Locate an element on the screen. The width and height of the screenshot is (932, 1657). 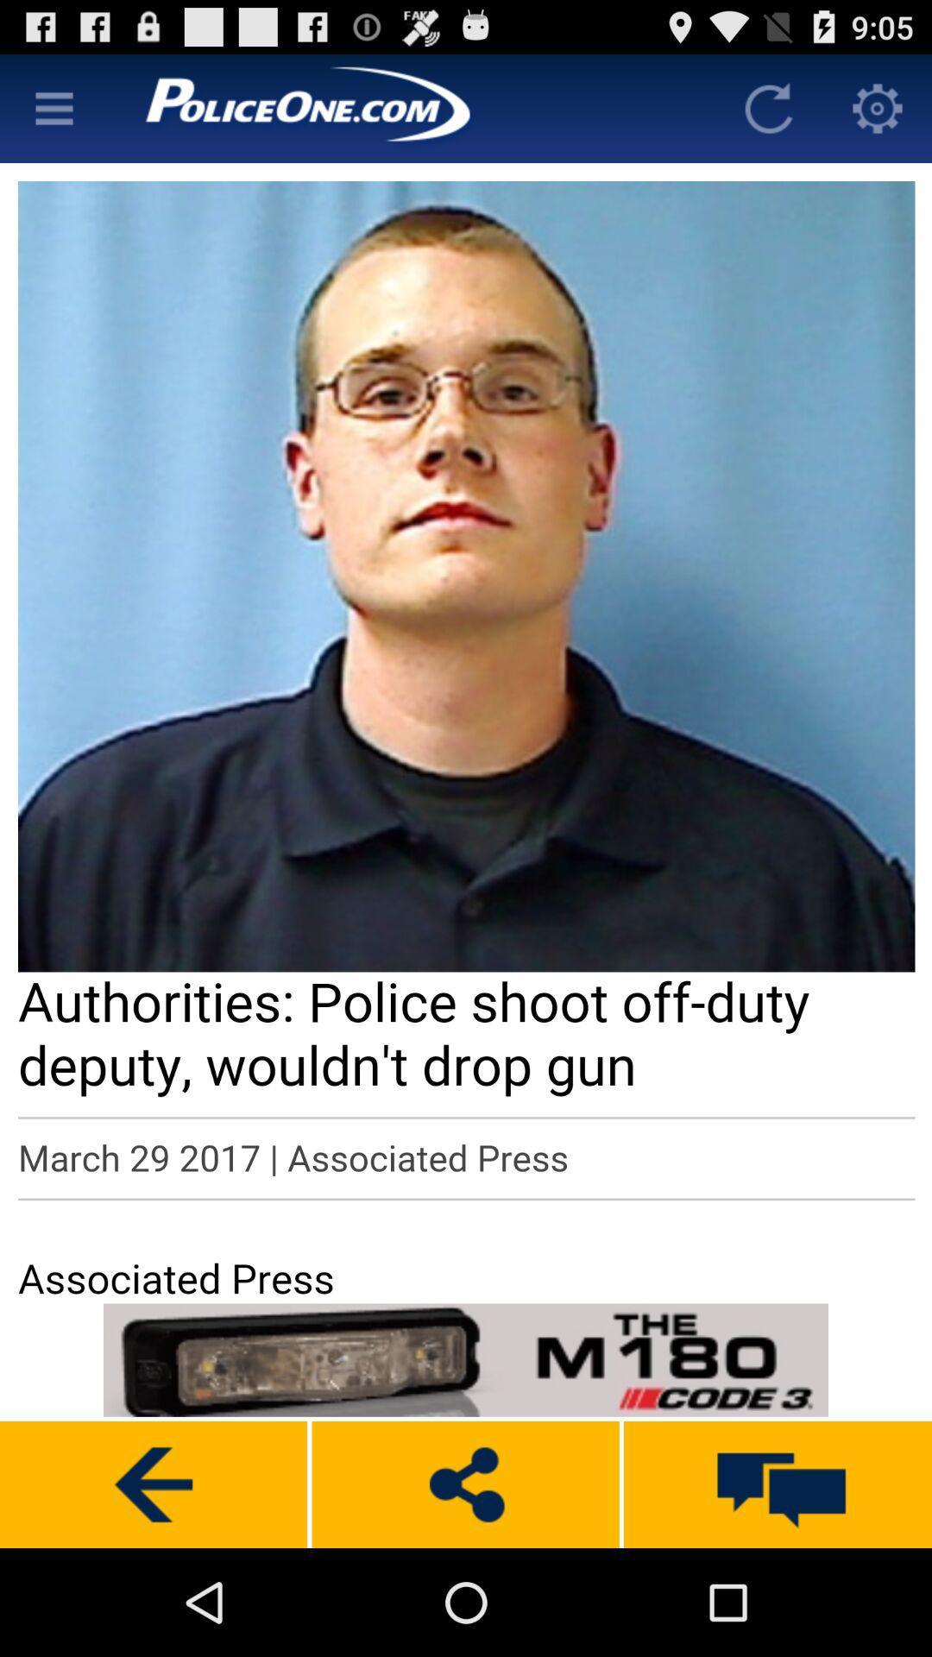
visit advertisement is located at coordinates (466, 1359).